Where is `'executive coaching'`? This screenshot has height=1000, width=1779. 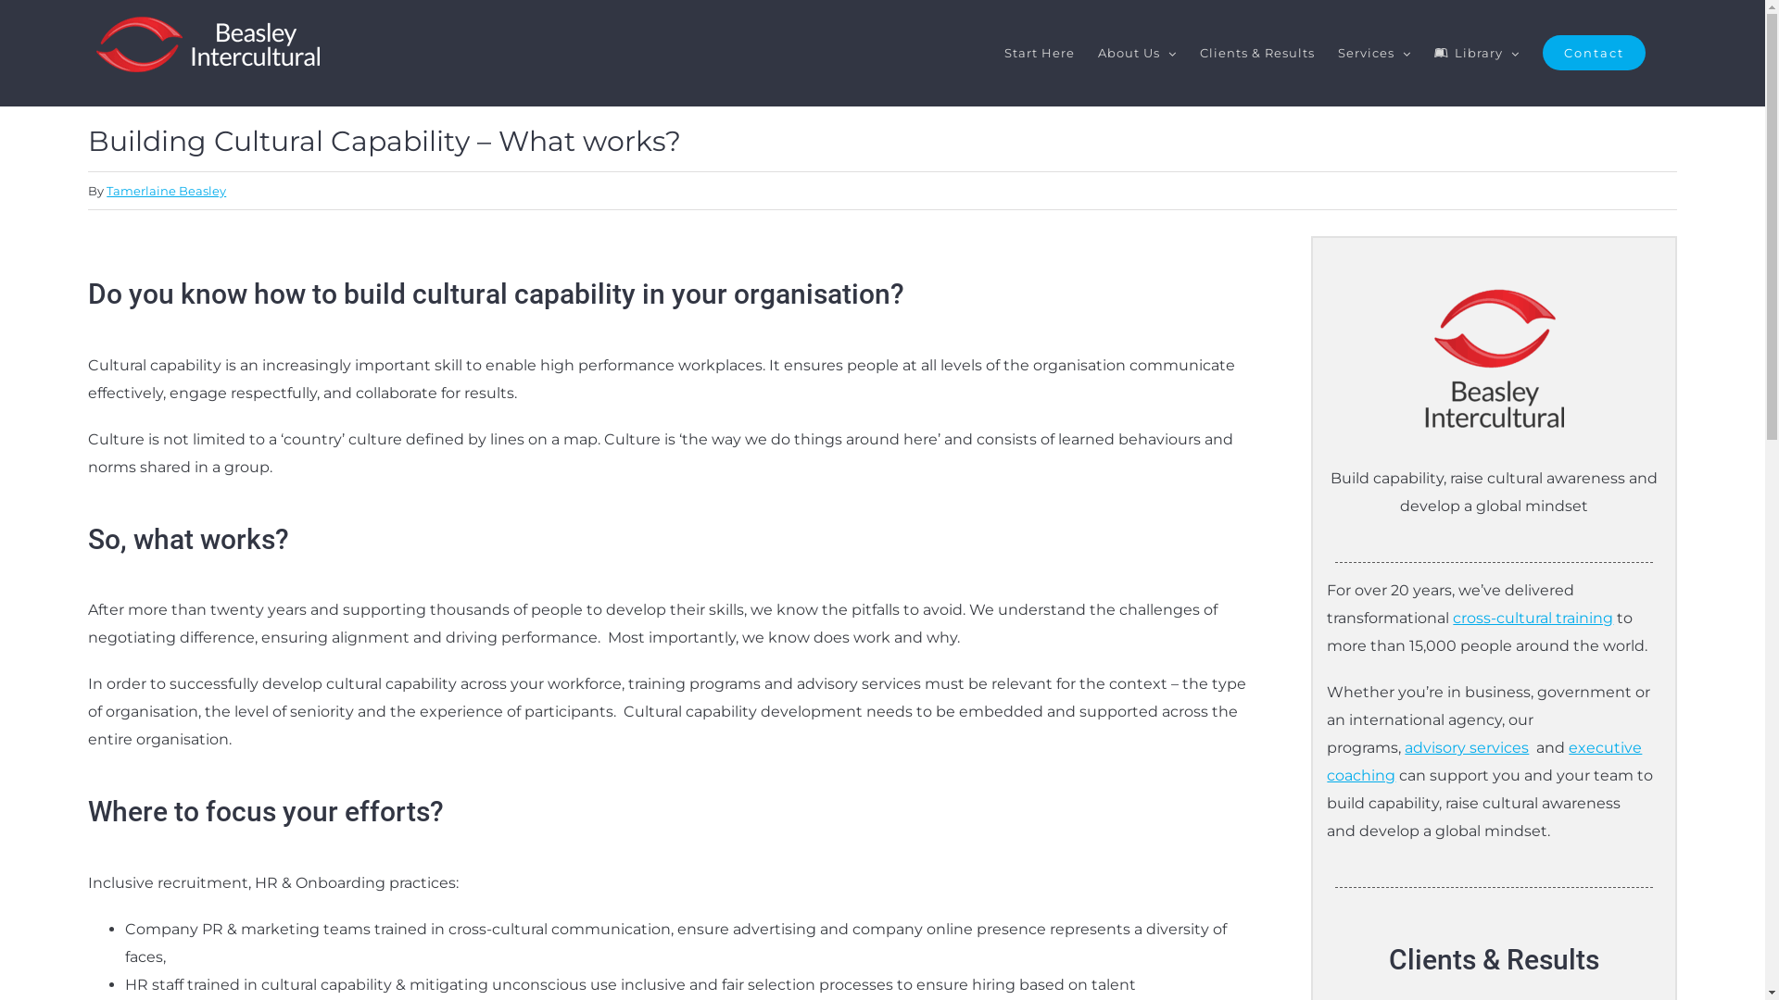
'executive coaching' is located at coordinates (1484, 761).